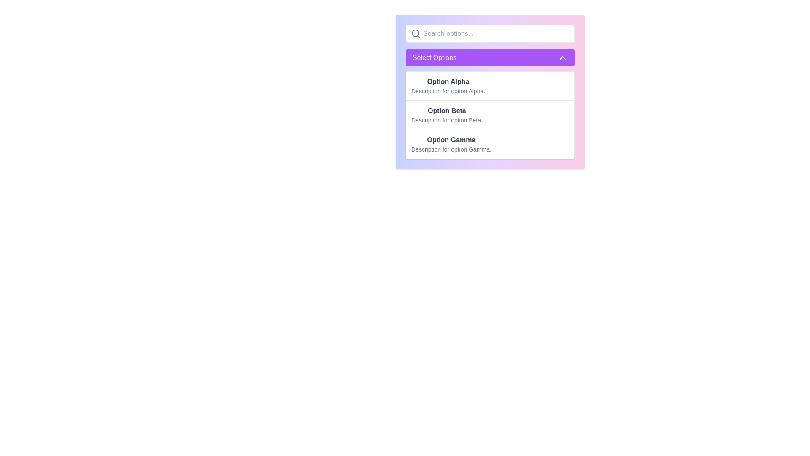 This screenshot has height=456, width=810. Describe the element at coordinates (490, 115) in the screenshot. I see `the 'Option Beta' list item in the dropdown menu` at that location.